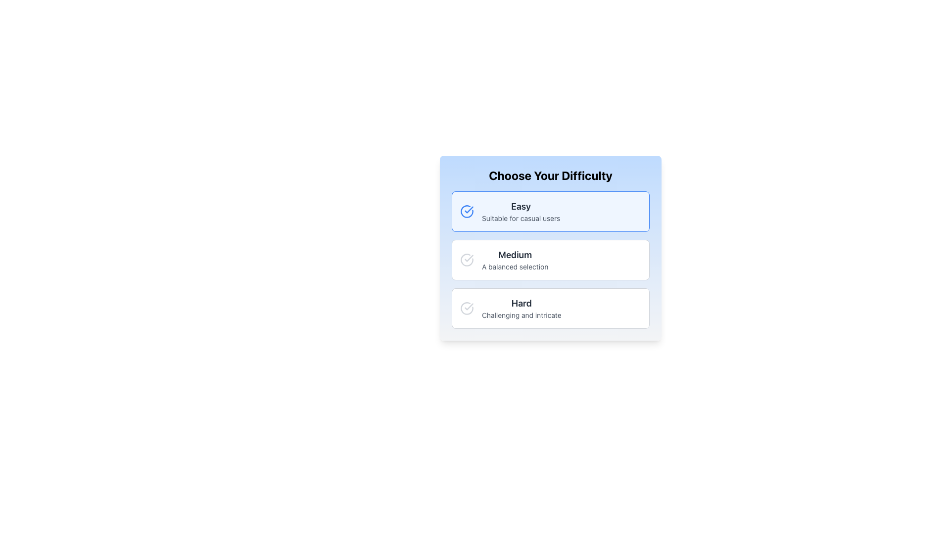 The width and height of the screenshot is (950, 534). Describe the element at coordinates (467, 211) in the screenshot. I see `the icon that indicates the selection state of the 'Easy' difficulty option` at that location.